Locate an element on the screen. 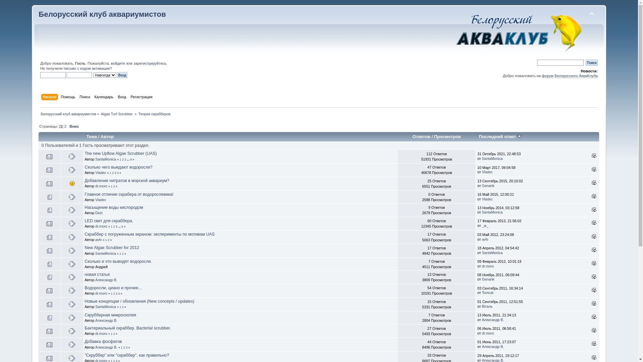 The width and height of the screenshot is (643, 362). 'Vladec' is located at coordinates (487, 199).